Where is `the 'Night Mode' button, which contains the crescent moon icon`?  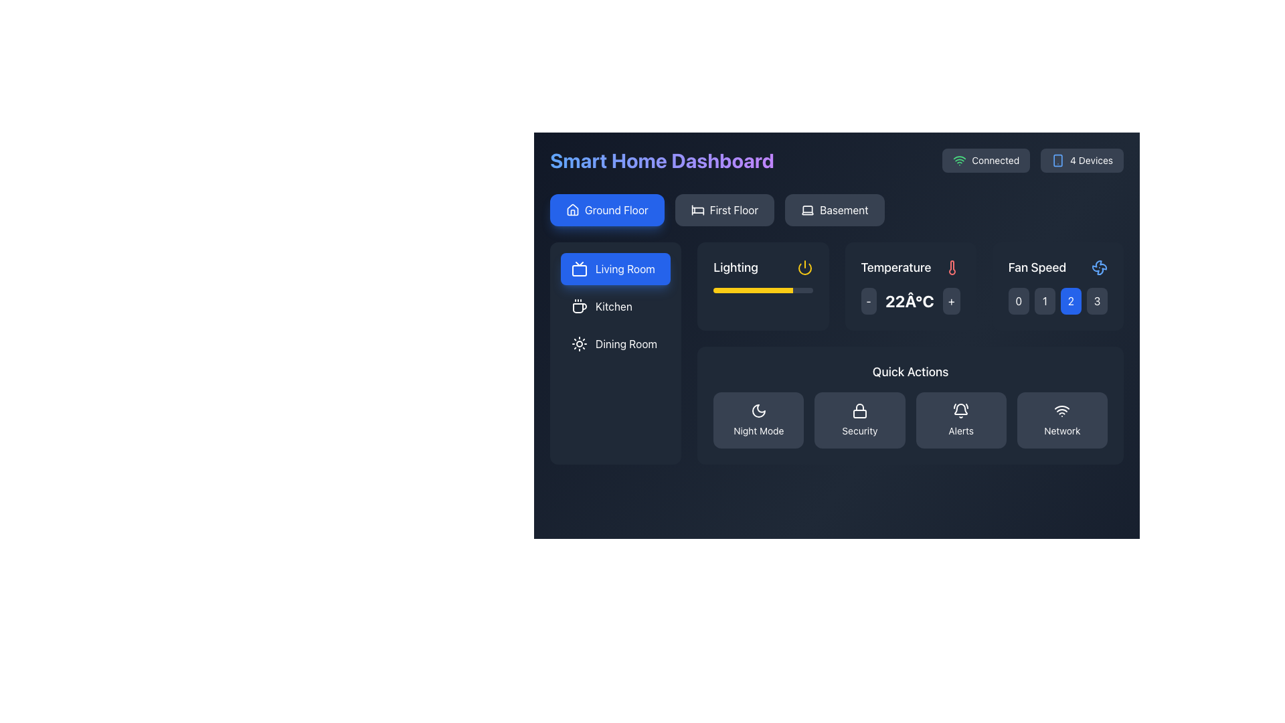
the 'Night Mode' button, which contains the crescent moon icon is located at coordinates (758, 410).